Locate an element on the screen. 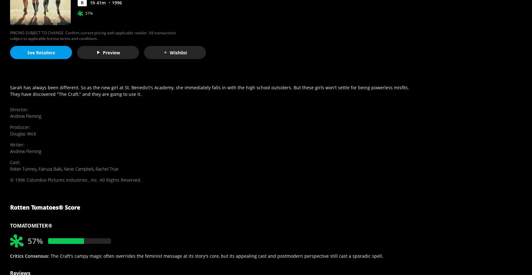  'Neve Campbell' is located at coordinates (79, 168).